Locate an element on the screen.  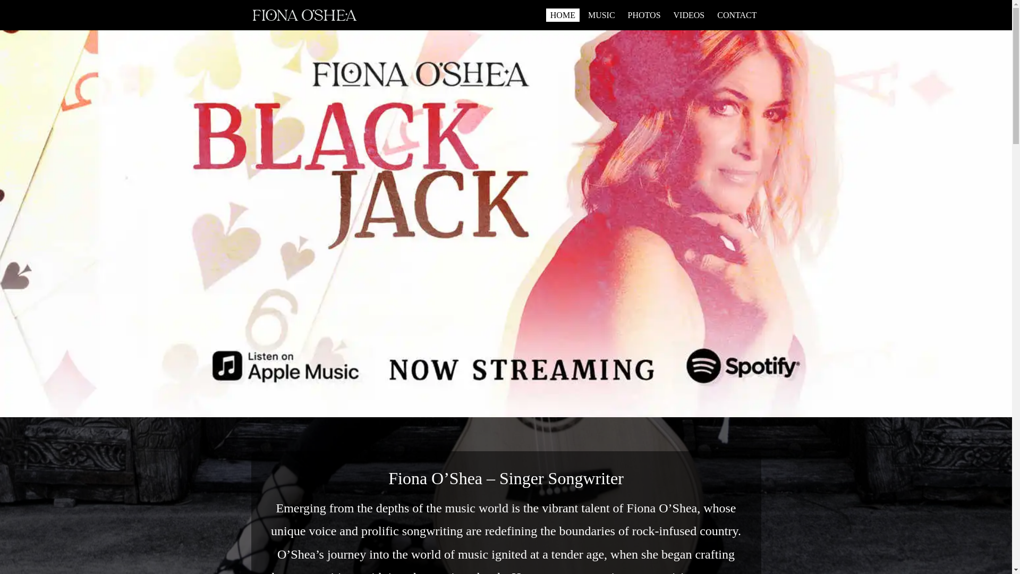
'CONTACT' is located at coordinates (736, 15).